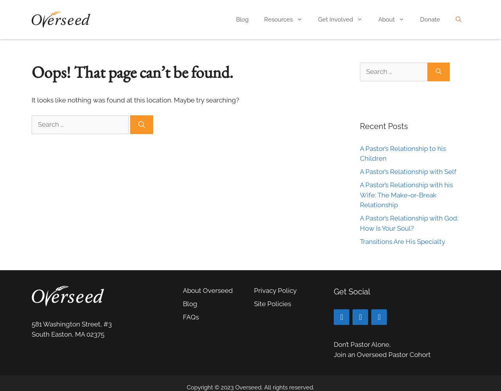 The width and height of the screenshot is (501, 391). I want to click on 'Recent Posts', so click(360, 126).